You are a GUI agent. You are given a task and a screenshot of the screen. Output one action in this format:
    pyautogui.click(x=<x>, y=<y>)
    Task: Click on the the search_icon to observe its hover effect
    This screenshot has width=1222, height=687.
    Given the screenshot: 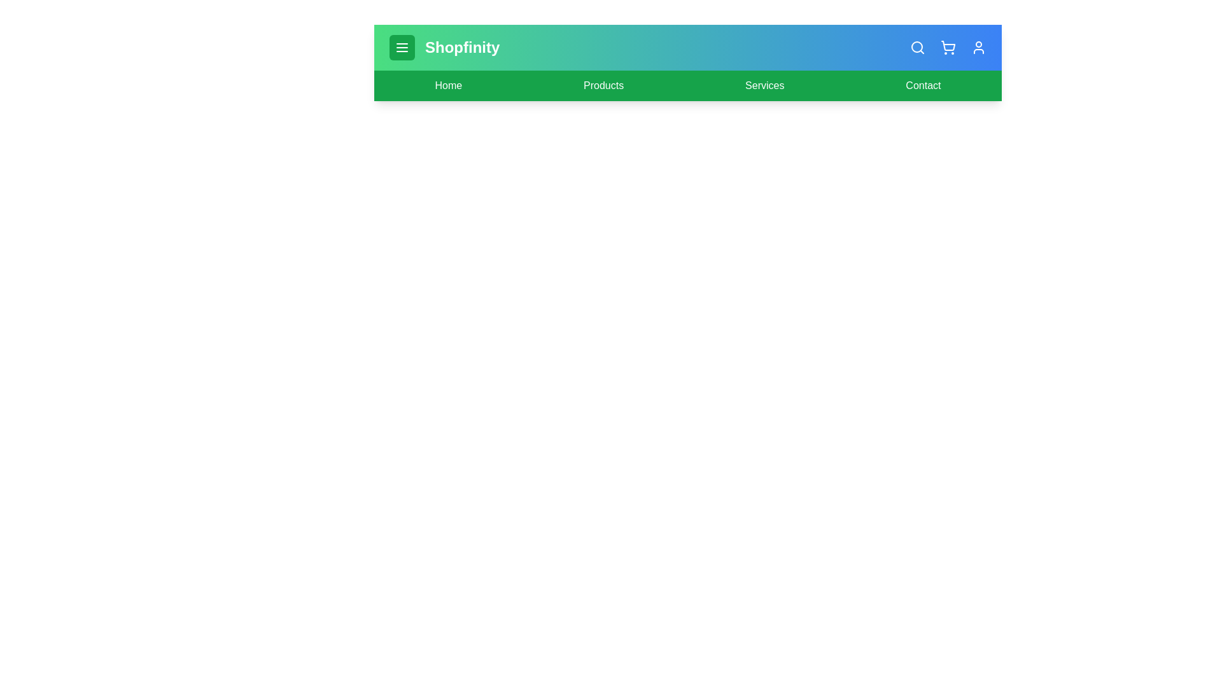 What is the action you would take?
    pyautogui.click(x=917, y=46)
    